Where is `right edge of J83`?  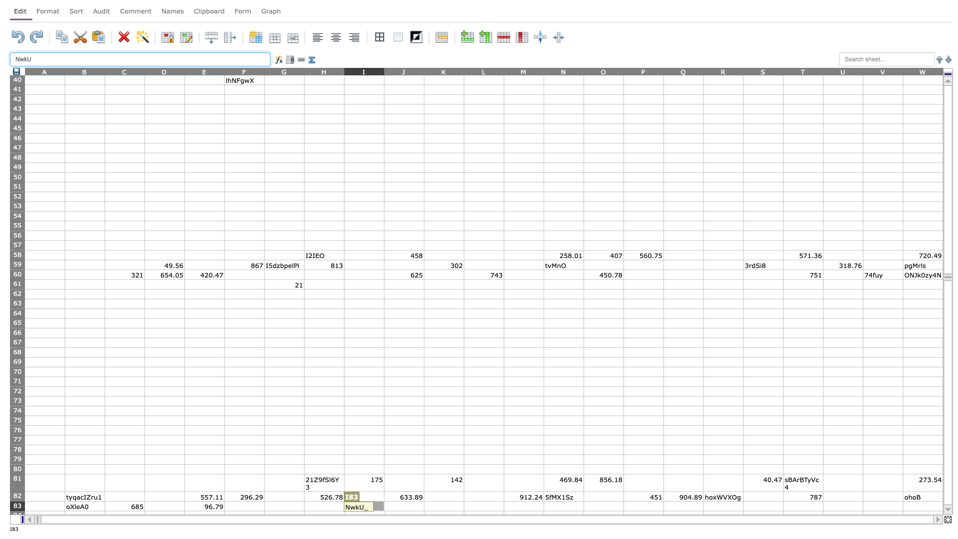
right edge of J83 is located at coordinates (424, 506).